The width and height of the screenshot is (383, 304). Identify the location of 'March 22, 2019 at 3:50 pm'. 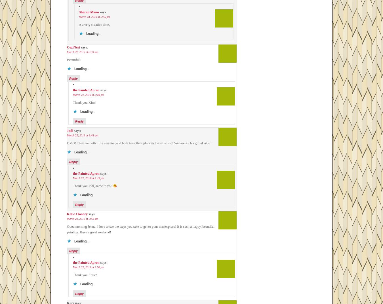
(88, 267).